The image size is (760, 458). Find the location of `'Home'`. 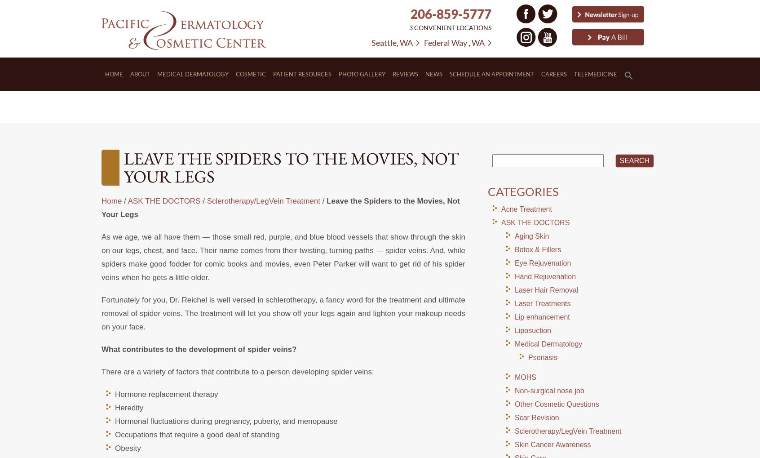

'Home' is located at coordinates (111, 201).